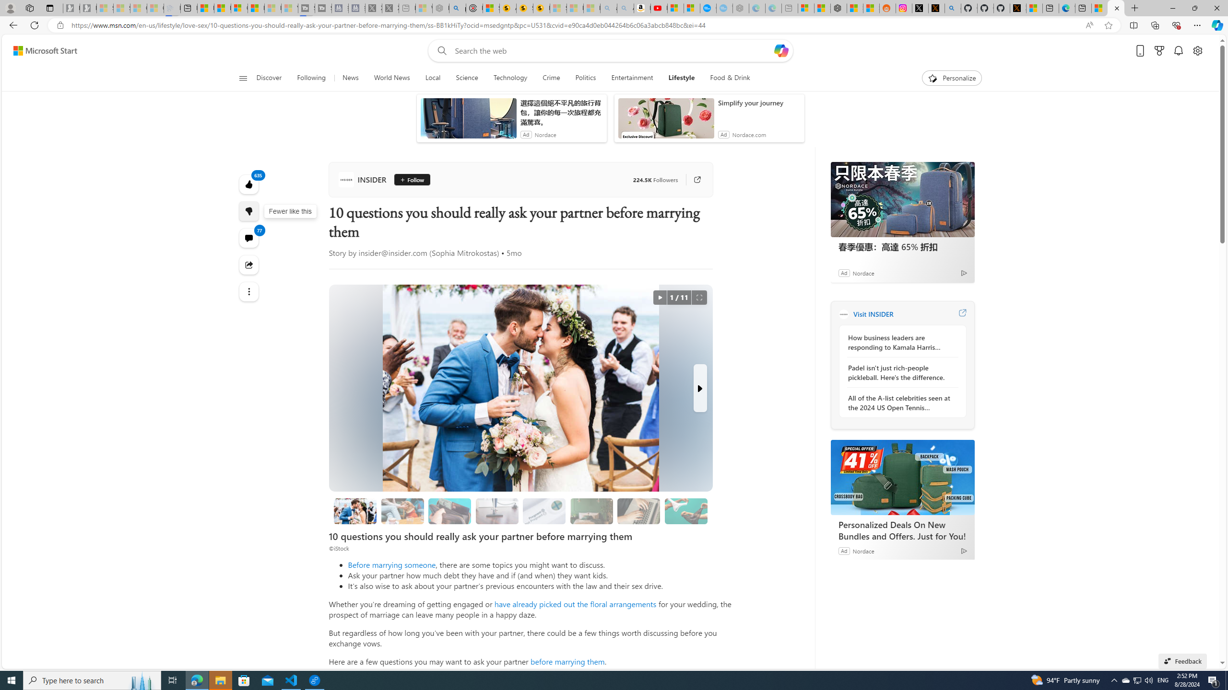  What do you see at coordinates (49, 8) in the screenshot?
I see `'Tab actions menu'` at bounding box center [49, 8].